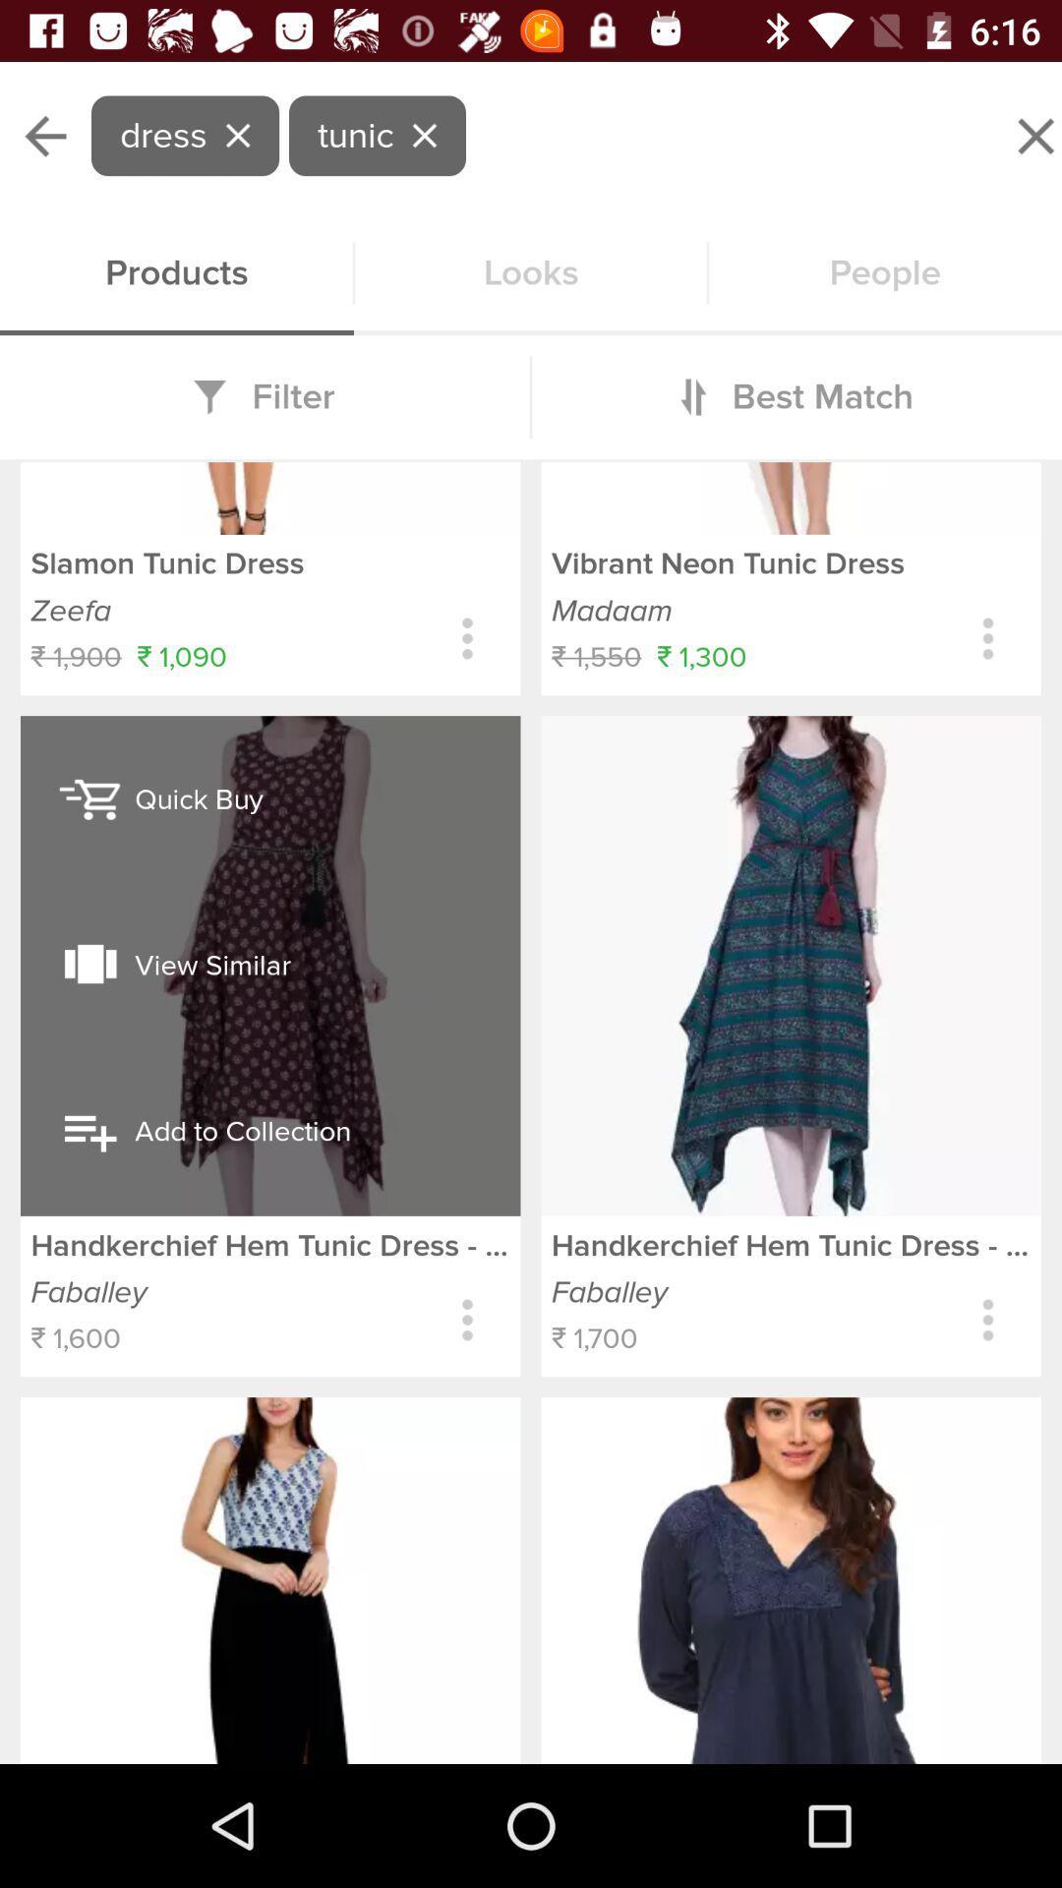 Image resolution: width=1062 pixels, height=1888 pixels. What do you see at coordinates (791, 966) in the screenshot?
I see `the second image from right bottom` at bounding box center [791, 966].